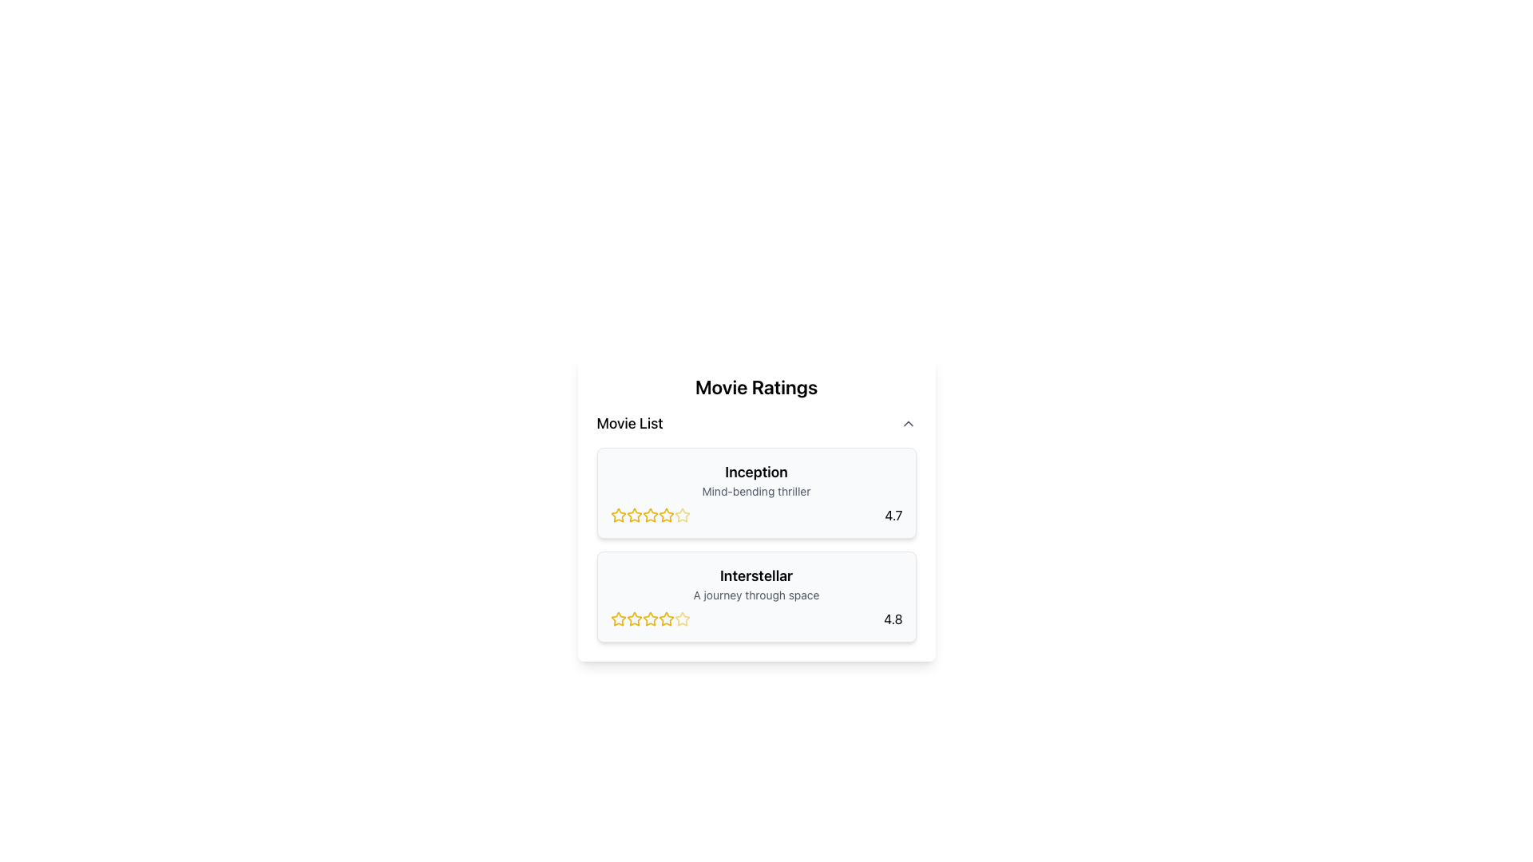 The image size is (1533, 862). What do you see at coordinates (617, 515) in the screenshot?
I see `the first yellow star icon in the rating section for the movie 'Inception'` at bounding box center [617, 515].